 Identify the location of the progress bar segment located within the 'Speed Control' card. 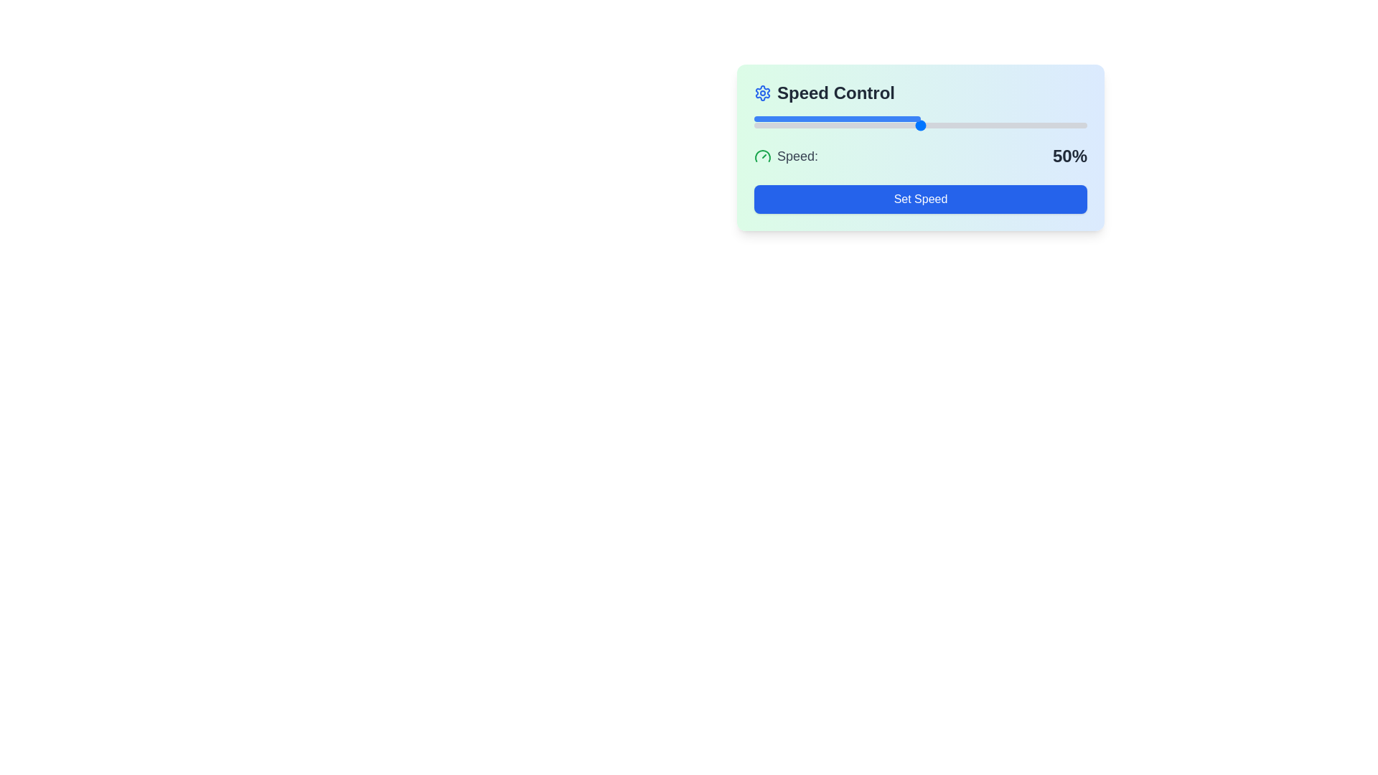
(837, 118).